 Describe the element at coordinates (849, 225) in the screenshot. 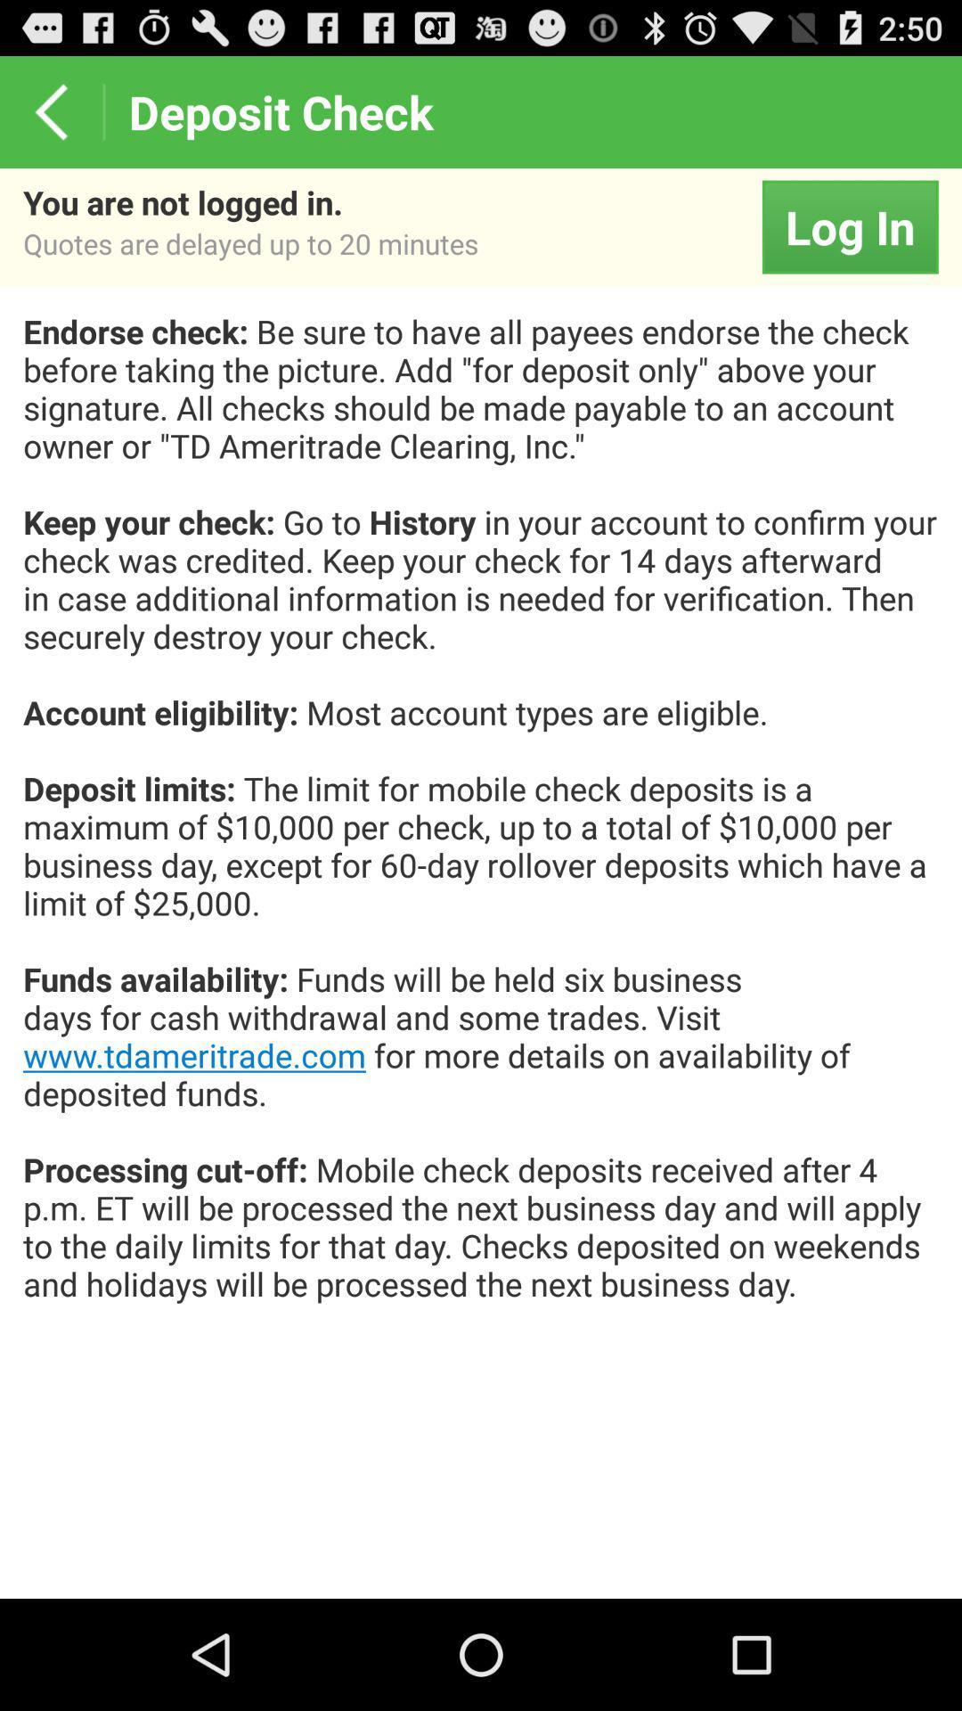

I see `the item above the endorse check be app` at that location.